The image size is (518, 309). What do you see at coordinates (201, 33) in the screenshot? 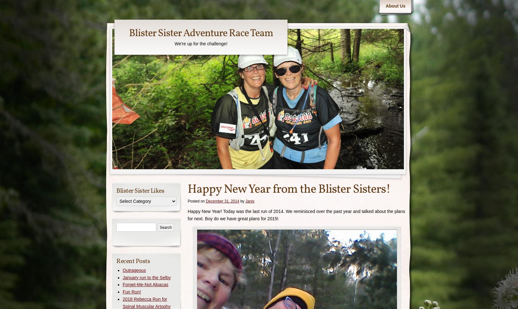
I see `'Blister Sister Adventure Race Team'` at bounding box center [201, 33].